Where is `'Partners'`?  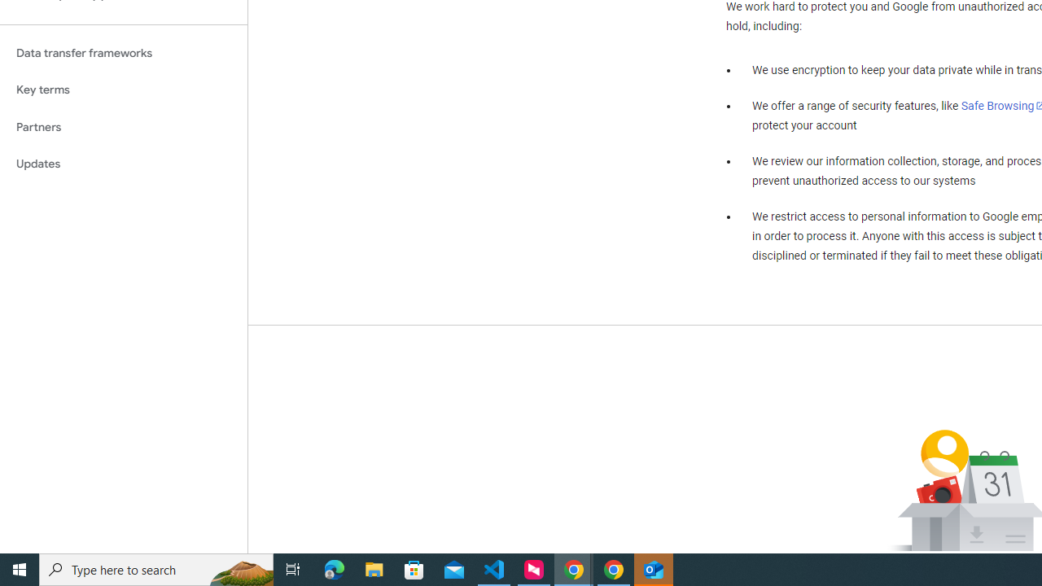 'Partners' is located at coordinates (123, 126).